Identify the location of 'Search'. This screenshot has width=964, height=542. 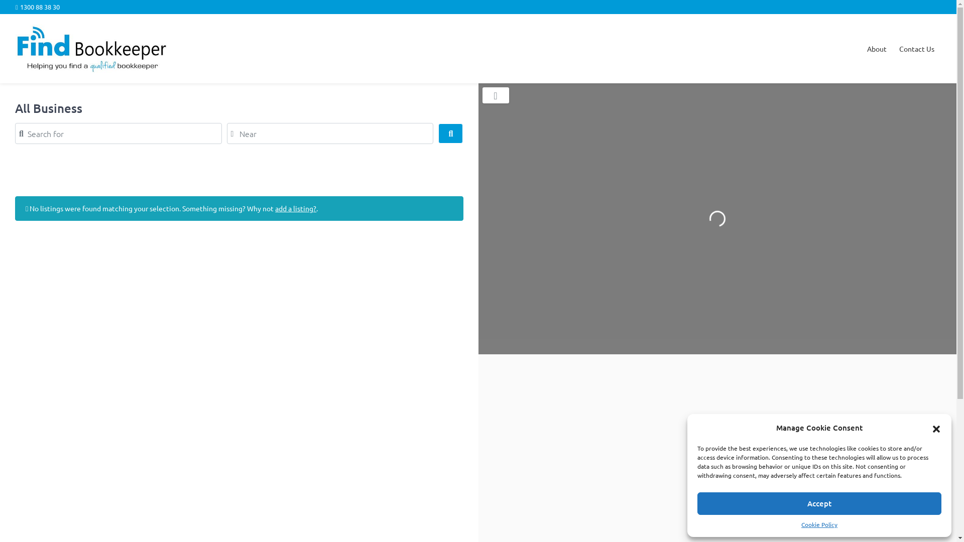
(450, 133).